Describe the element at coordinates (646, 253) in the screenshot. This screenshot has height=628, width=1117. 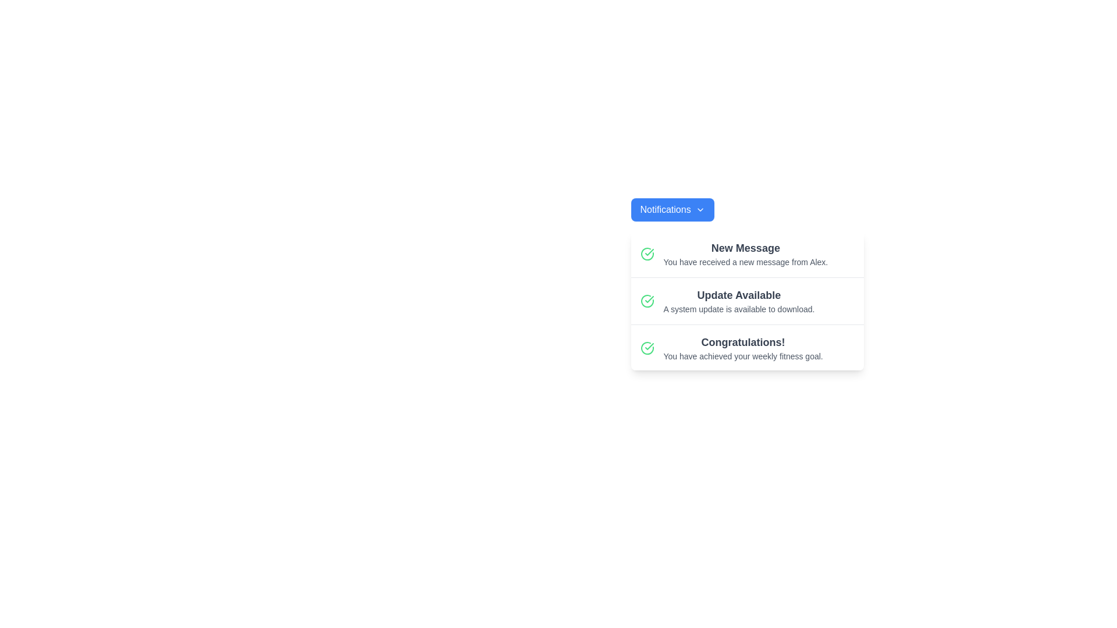
I see `the circular-shaped icon with a green checkmark inside, located in the top-left corner of the 'New Message' notification card under the 'Notifications' dropdown menu` at that location.